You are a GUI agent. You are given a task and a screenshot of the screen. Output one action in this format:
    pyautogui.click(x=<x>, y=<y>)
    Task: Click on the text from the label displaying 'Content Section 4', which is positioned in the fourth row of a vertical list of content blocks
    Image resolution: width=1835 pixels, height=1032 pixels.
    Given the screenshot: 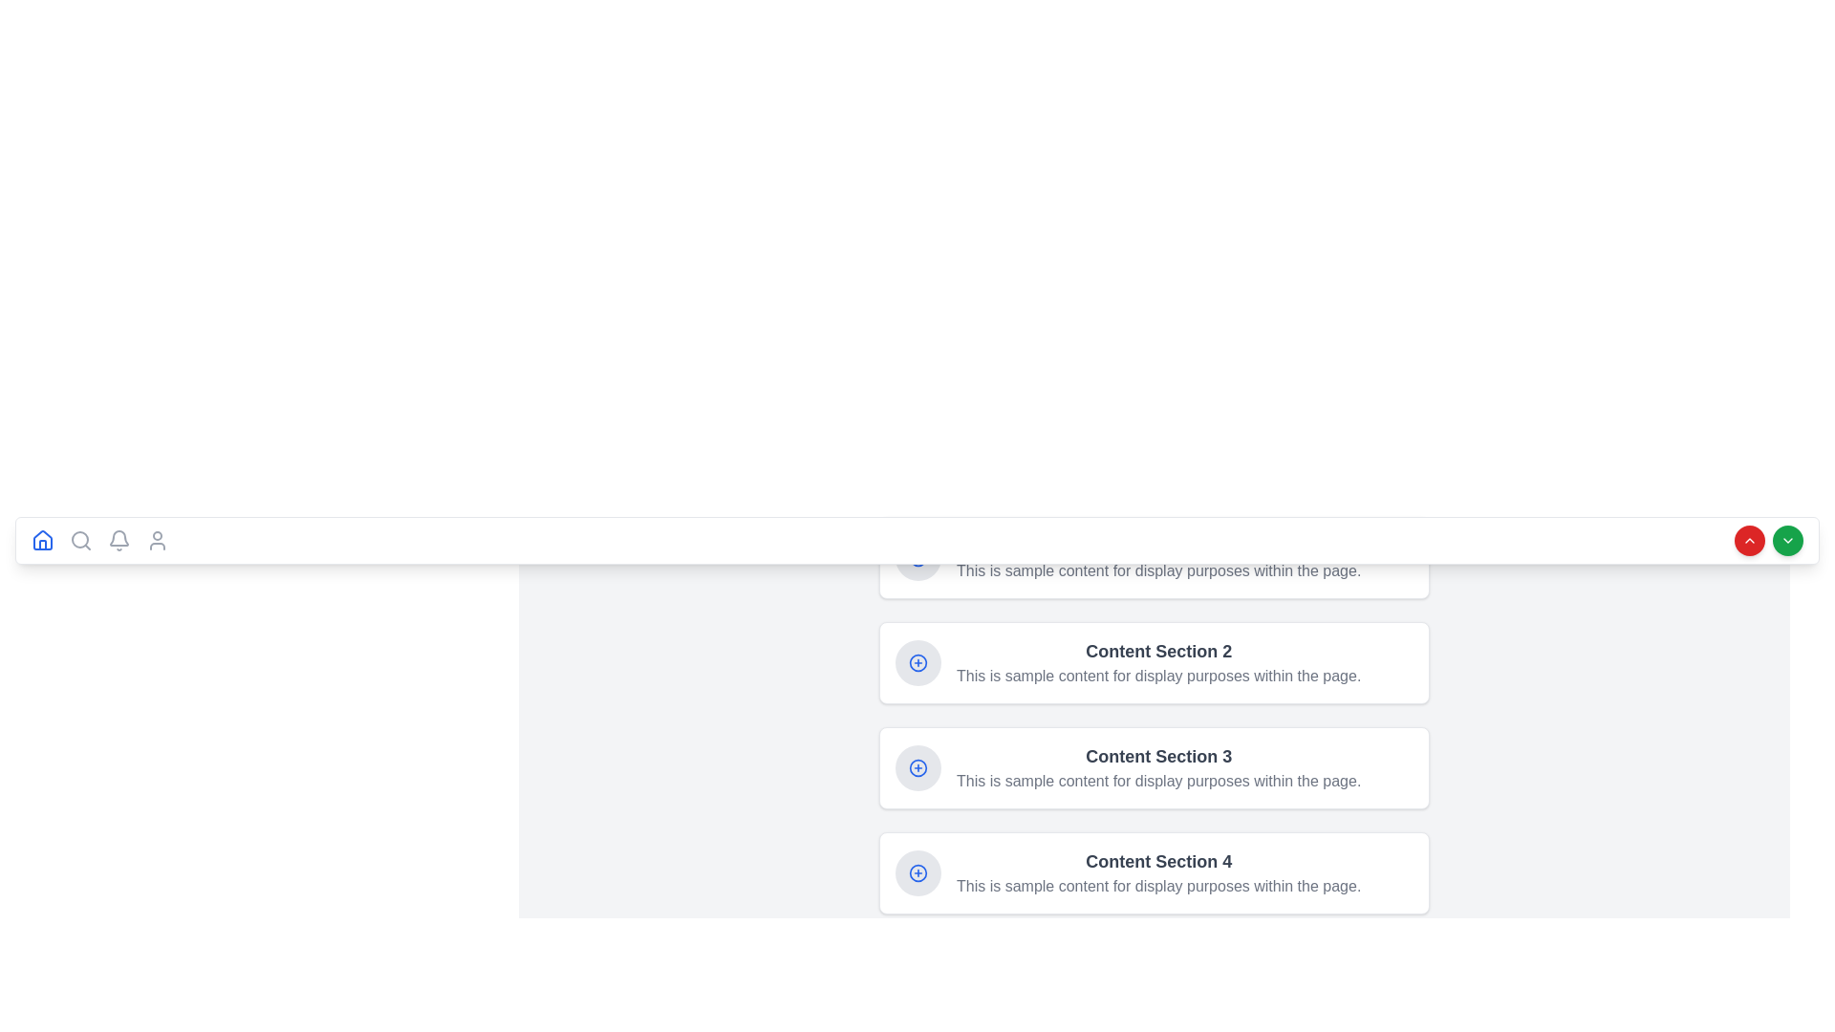 What is the action you would take?
    pyautogui.click(x=1157, y=862)
    